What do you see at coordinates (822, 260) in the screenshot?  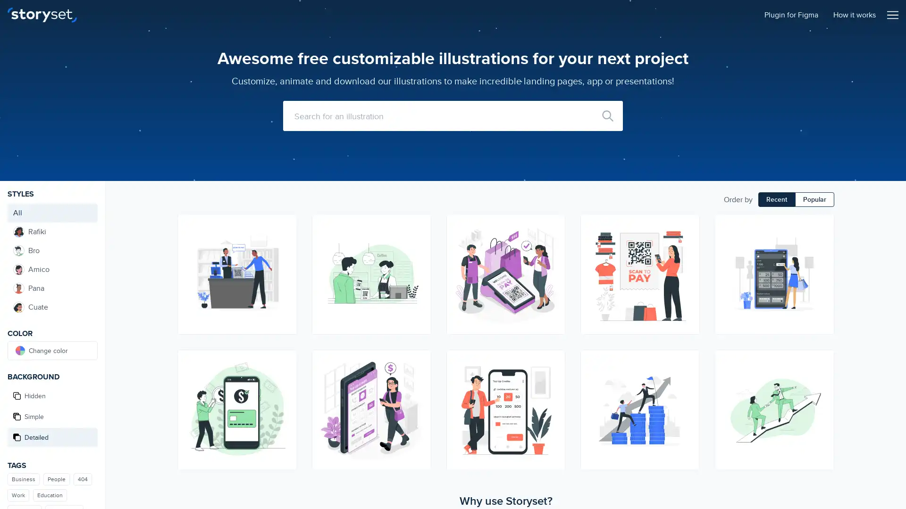 I see `Pinterest icon Save` at bounding box center [822, 260].